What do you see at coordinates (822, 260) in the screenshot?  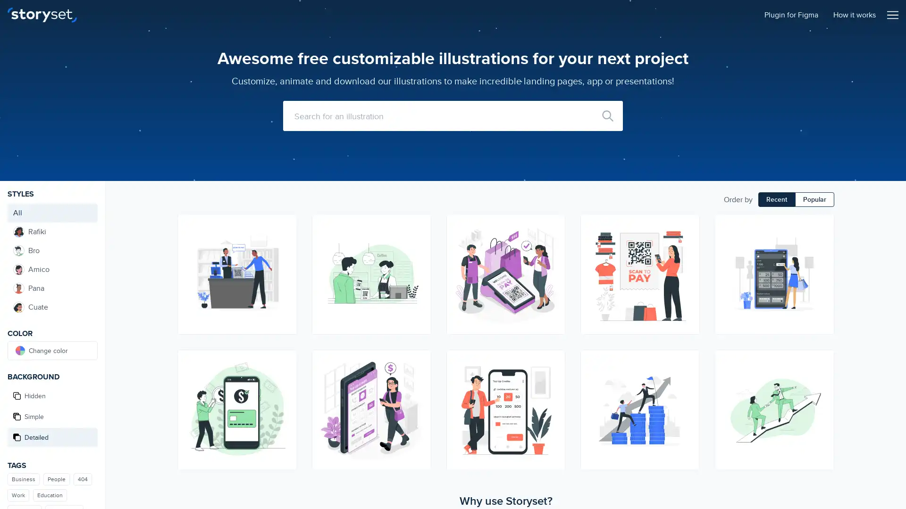 I see `Pinterest icon Save` at bounding box center [822, 260].